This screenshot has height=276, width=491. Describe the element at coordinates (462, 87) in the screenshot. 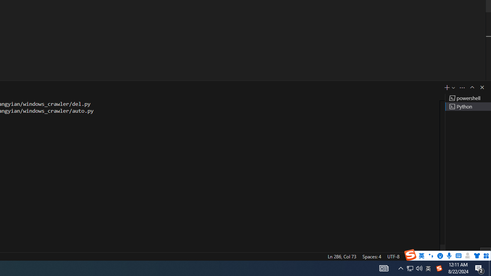

I see `'Views and More Actions...'` at that location.